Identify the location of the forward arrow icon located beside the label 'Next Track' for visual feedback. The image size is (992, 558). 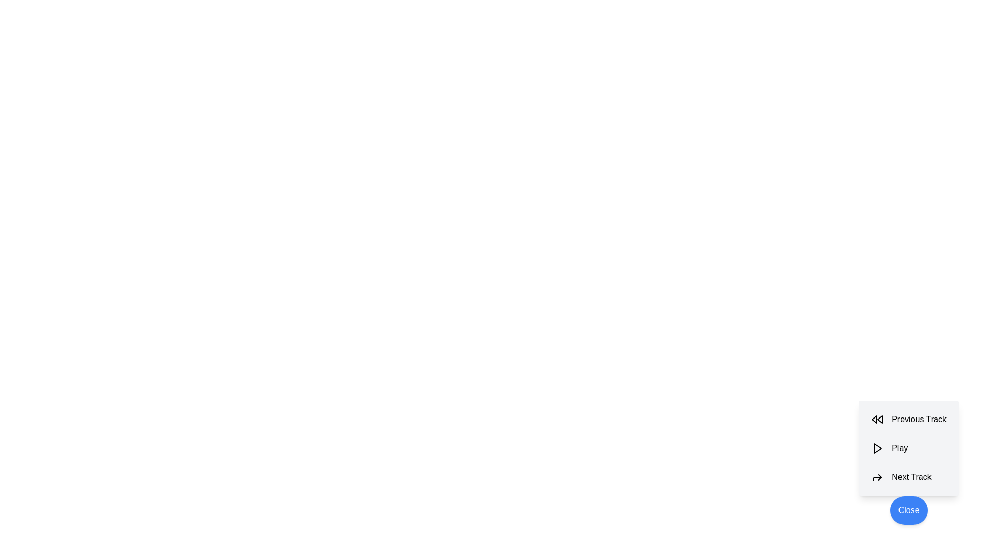
(877, 477).